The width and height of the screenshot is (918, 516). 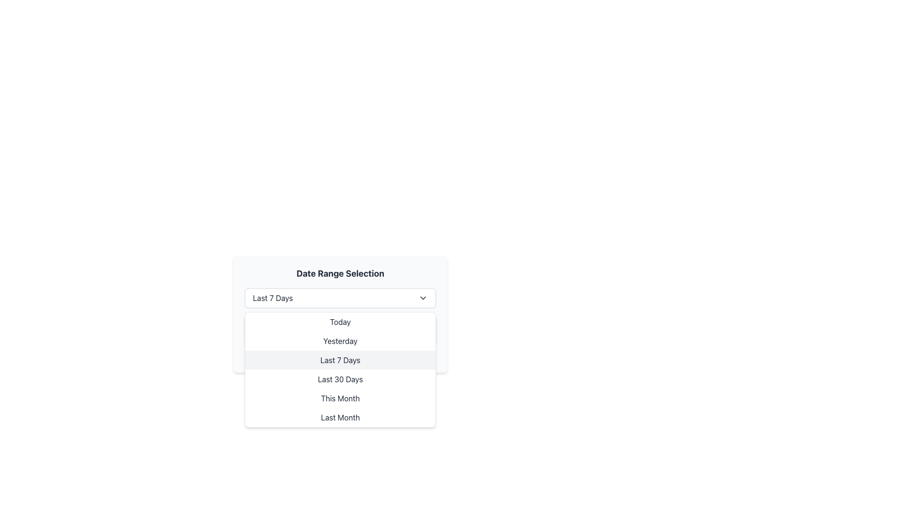 I want to click on the fourth option in the dropdown menu that filters data, so click(x=340, y=379).